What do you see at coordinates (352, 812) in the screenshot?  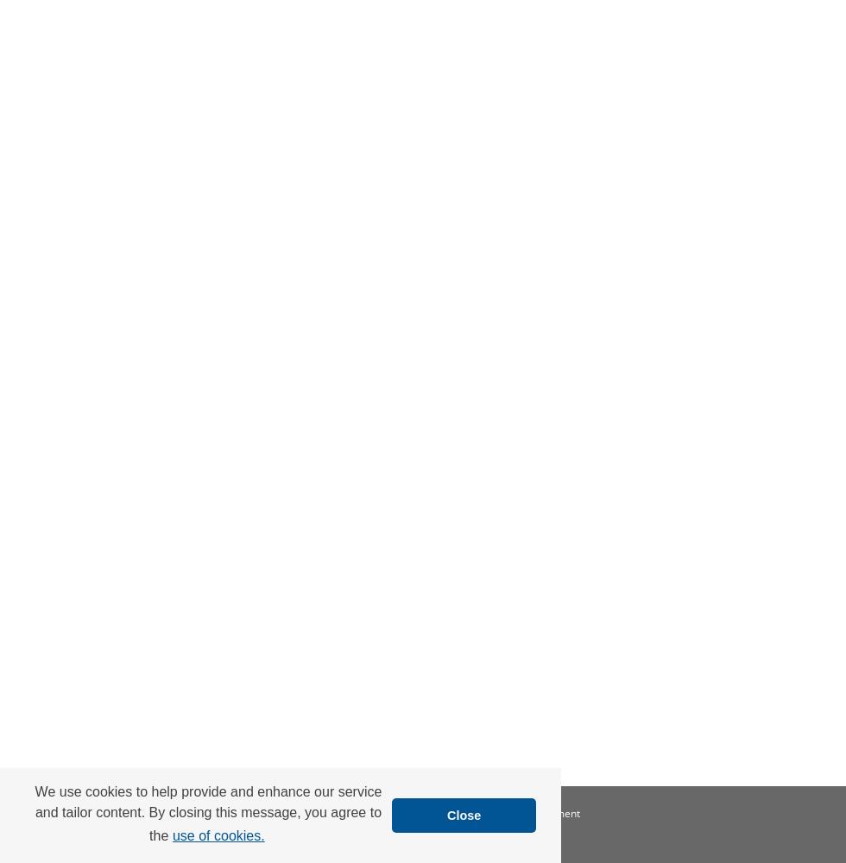 I see `'FAQ'` at bounding box center [352, 812].